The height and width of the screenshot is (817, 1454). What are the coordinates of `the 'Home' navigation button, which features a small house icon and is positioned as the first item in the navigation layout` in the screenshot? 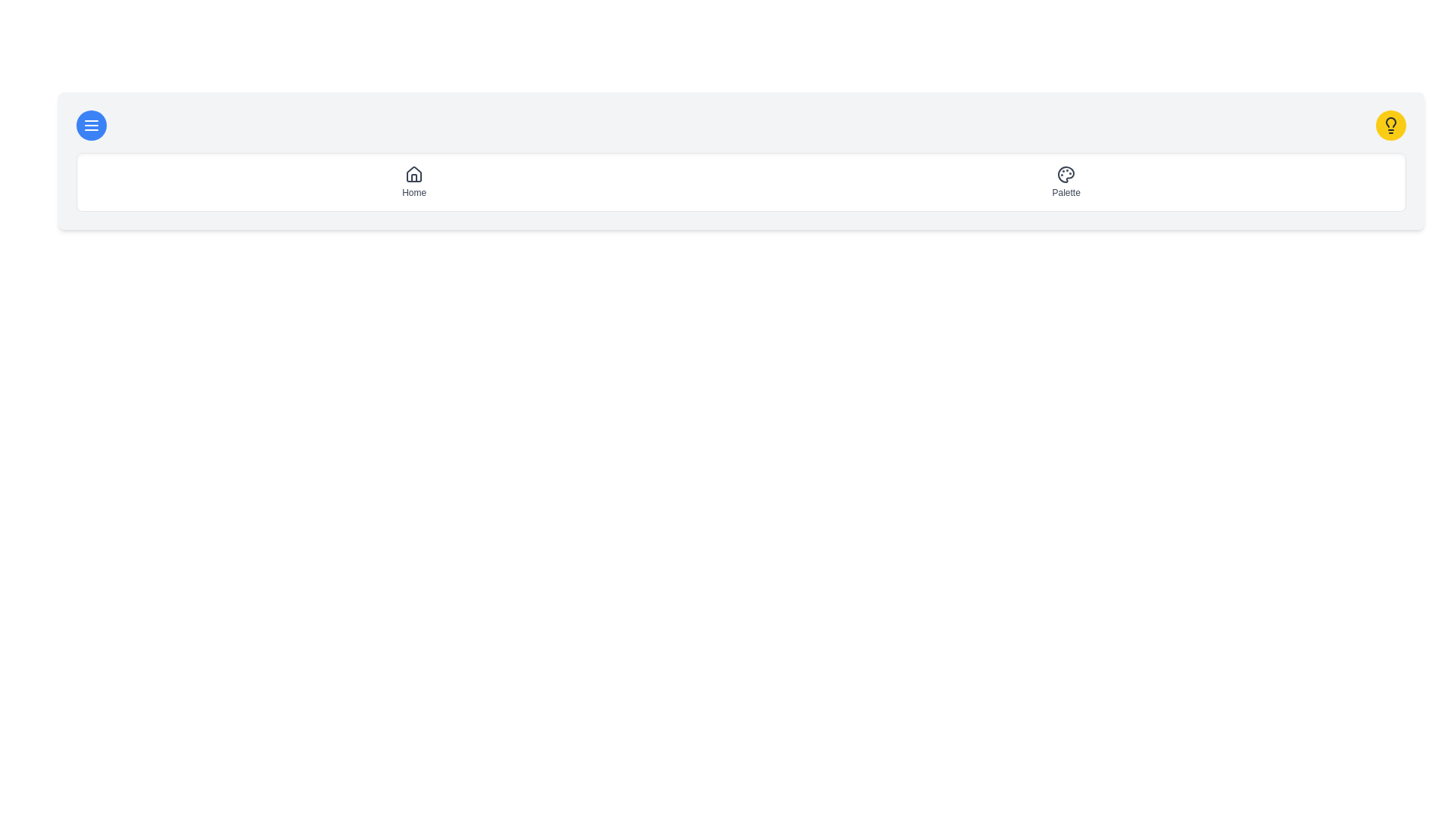 It's located at (414, 181).